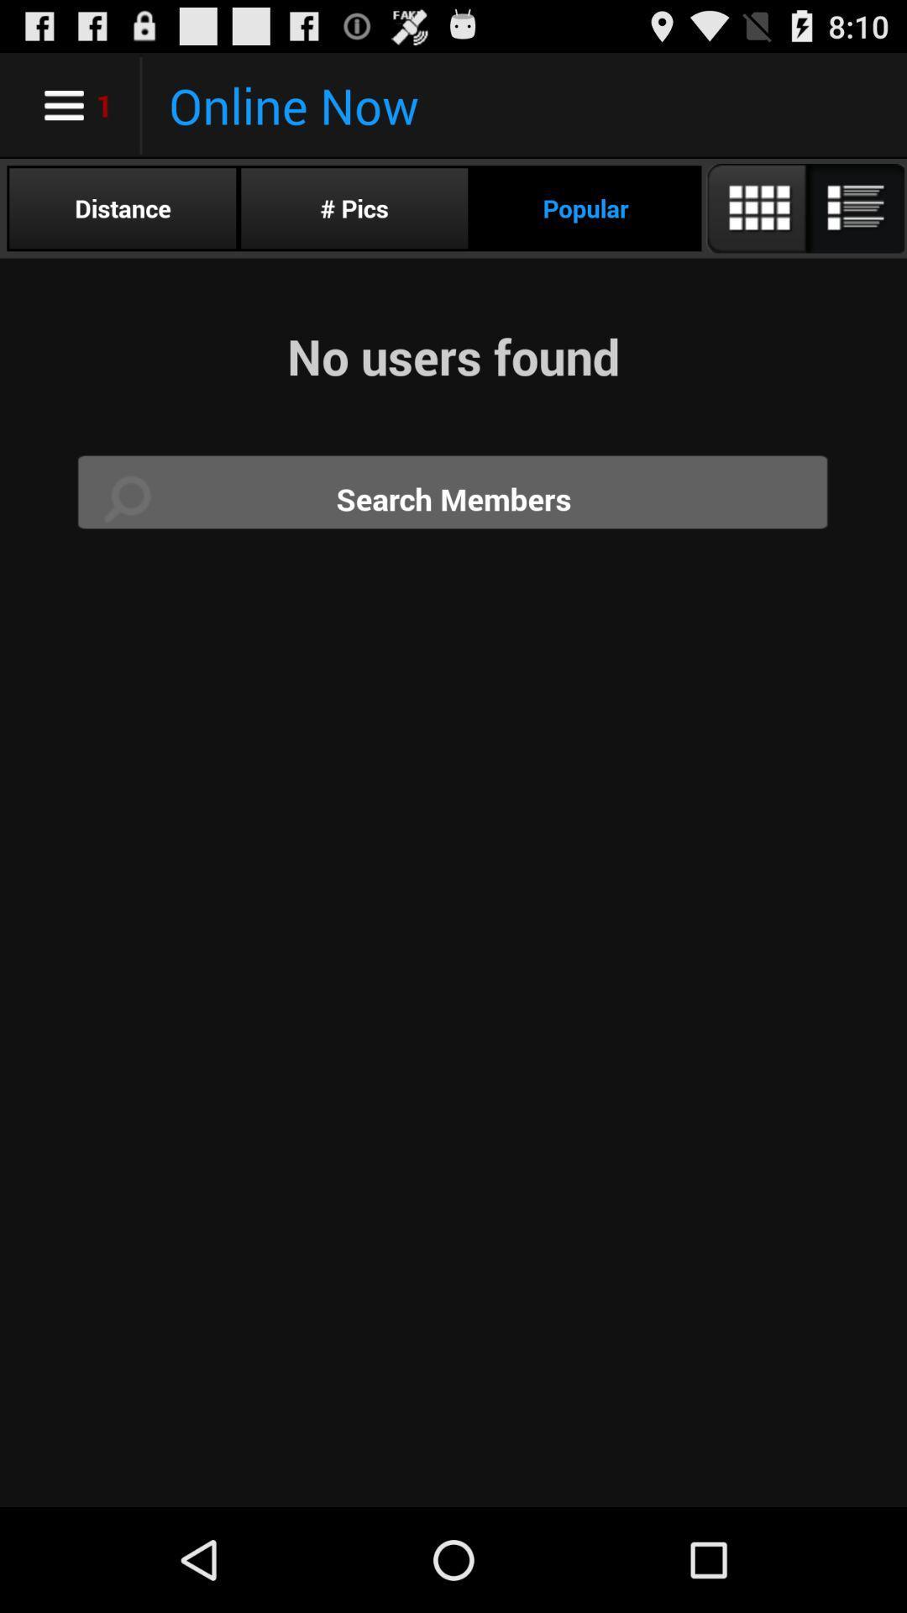 Image resolution: width=907 pixels, height=1613 pixels. Describe the element at coordinates (354, 208) in the screenshot. I see `icon above the no users found app` at that location.